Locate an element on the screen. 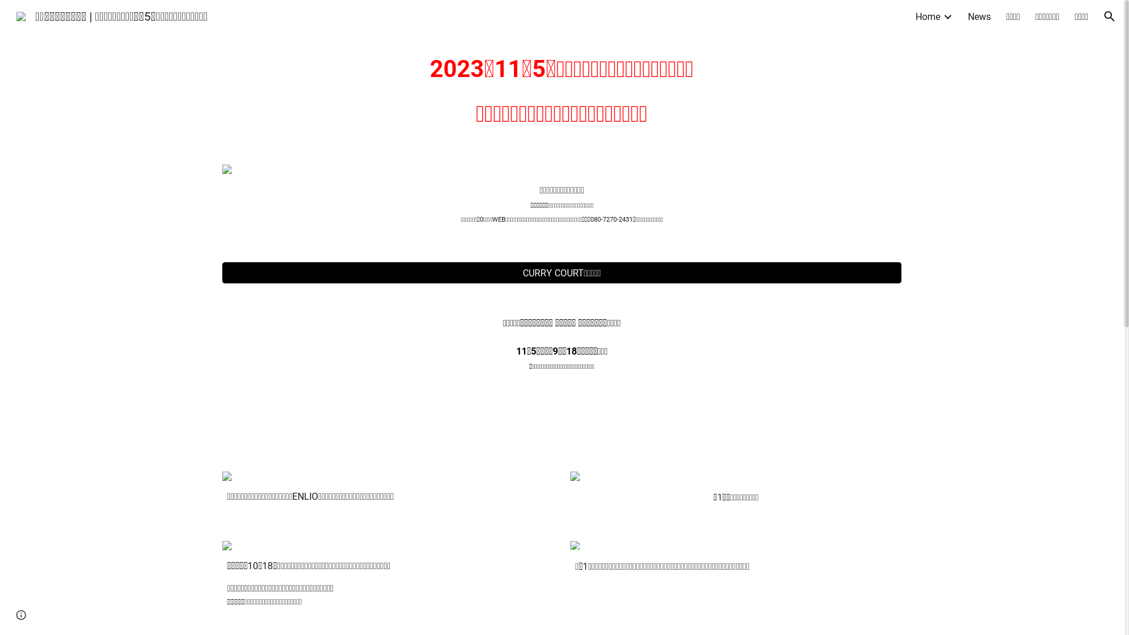  'Expand/Collapse' is located at coordinates (947, 16).